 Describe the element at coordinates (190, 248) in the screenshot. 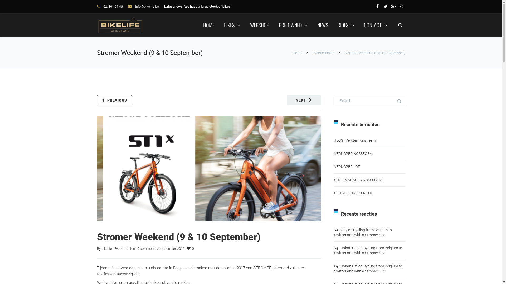

I see `'0 '` at that location.